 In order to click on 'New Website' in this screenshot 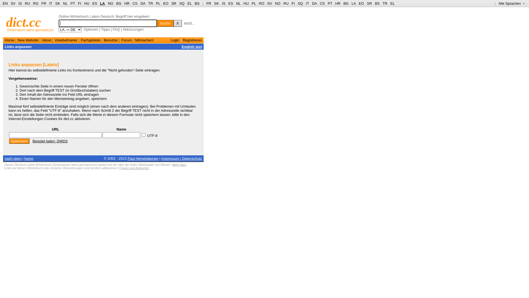, I will do `click(28, 40)`.